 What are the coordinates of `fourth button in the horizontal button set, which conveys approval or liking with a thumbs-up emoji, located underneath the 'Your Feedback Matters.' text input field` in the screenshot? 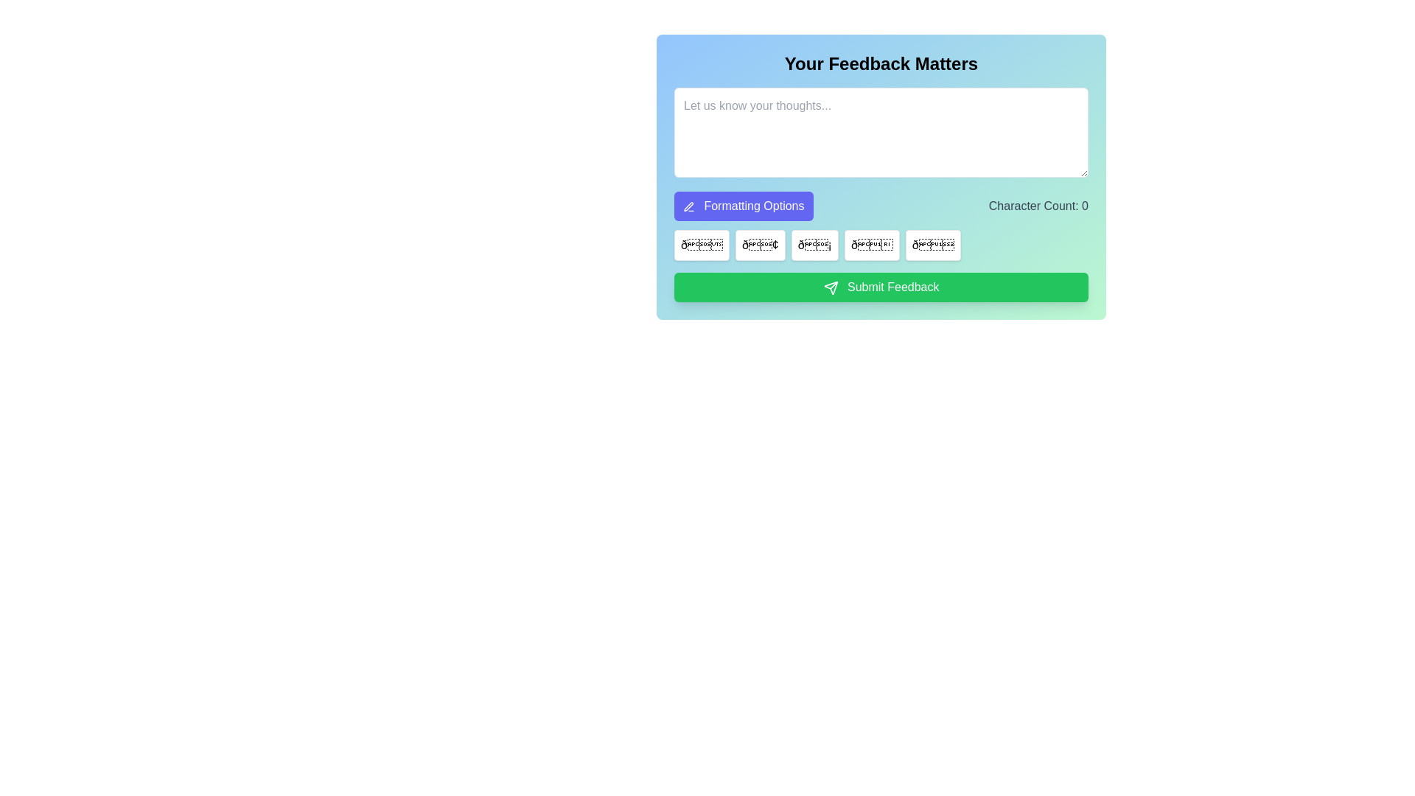 It's located at (872, 244).